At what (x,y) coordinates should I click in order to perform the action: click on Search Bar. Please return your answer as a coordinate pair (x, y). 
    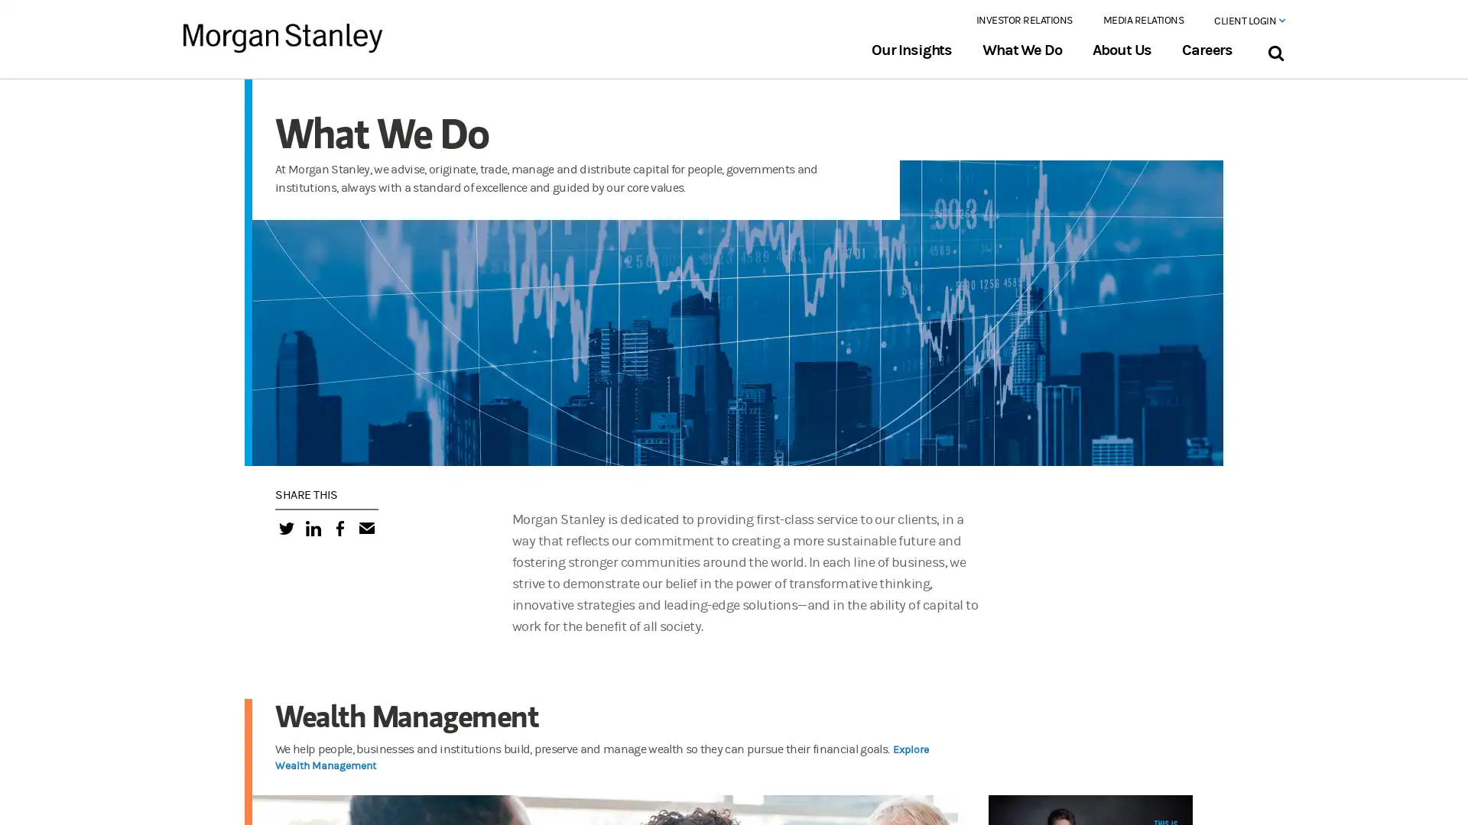
    Looking at the image, I should click on (1275, 49).